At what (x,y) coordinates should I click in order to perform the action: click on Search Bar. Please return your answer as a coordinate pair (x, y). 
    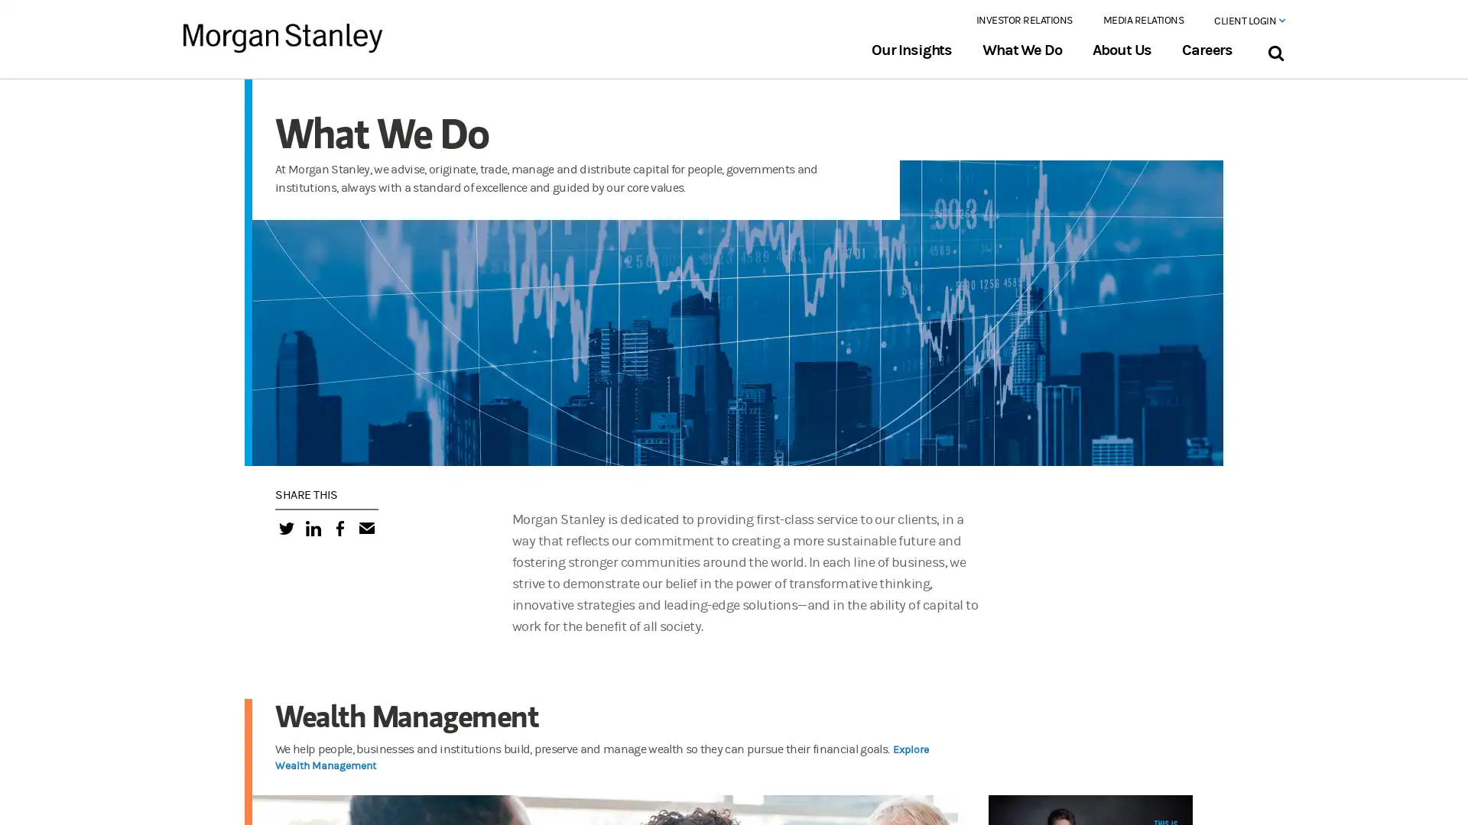
    Looking at the image, I should click on (1275, 49).